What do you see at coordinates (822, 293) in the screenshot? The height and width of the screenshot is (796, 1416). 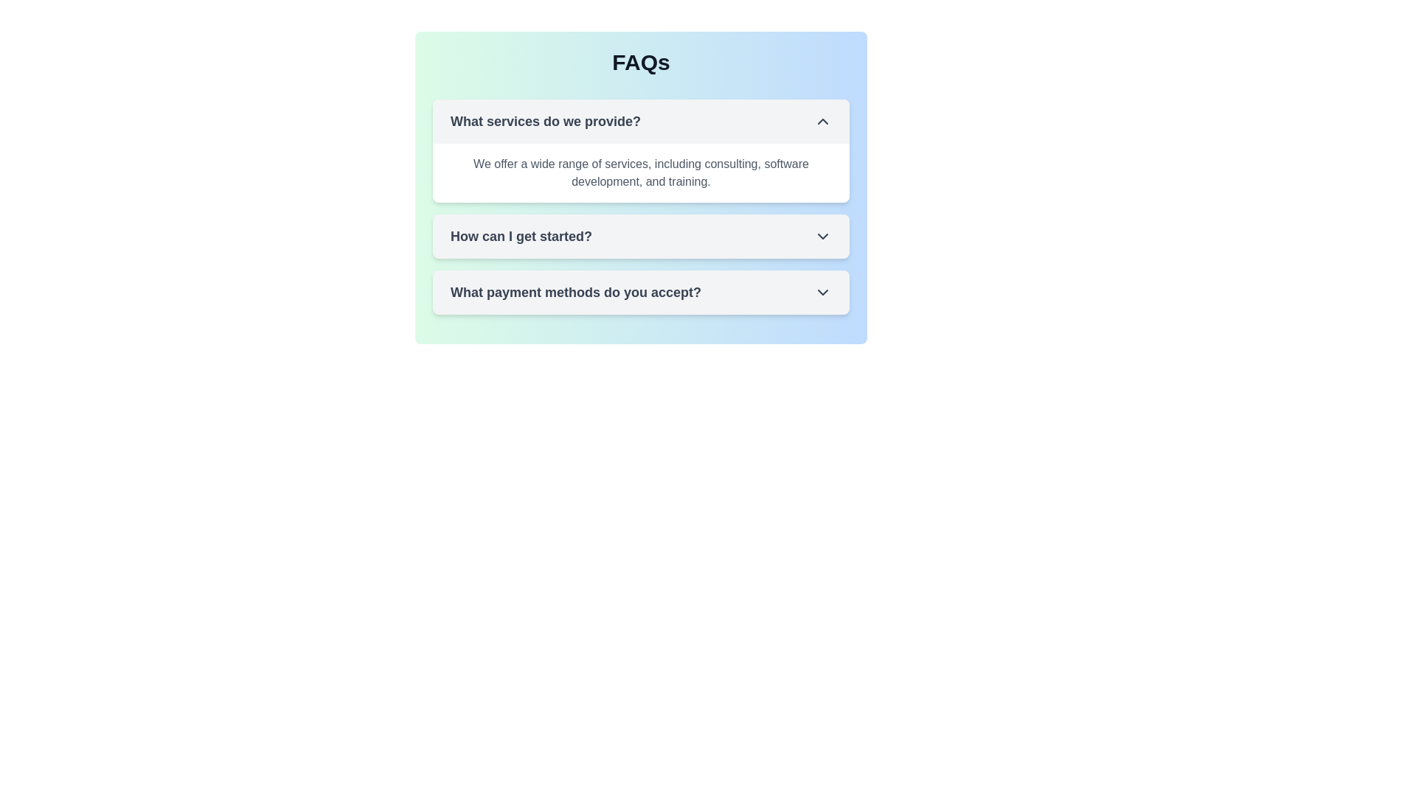 I see `the button-like graphical icon` at bounding box center [822, 293].